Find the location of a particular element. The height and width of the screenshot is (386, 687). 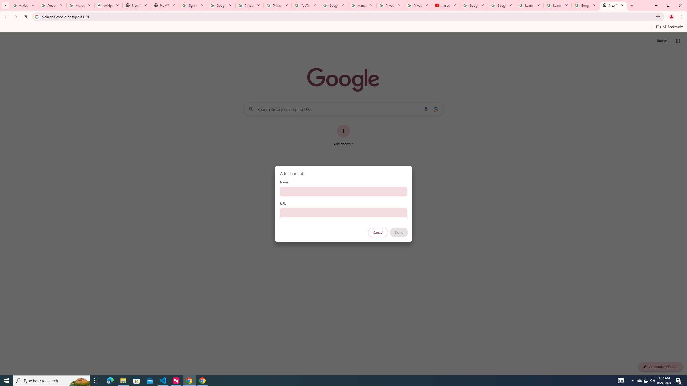

'Google Account Help' is located at coordinates (502, 5).